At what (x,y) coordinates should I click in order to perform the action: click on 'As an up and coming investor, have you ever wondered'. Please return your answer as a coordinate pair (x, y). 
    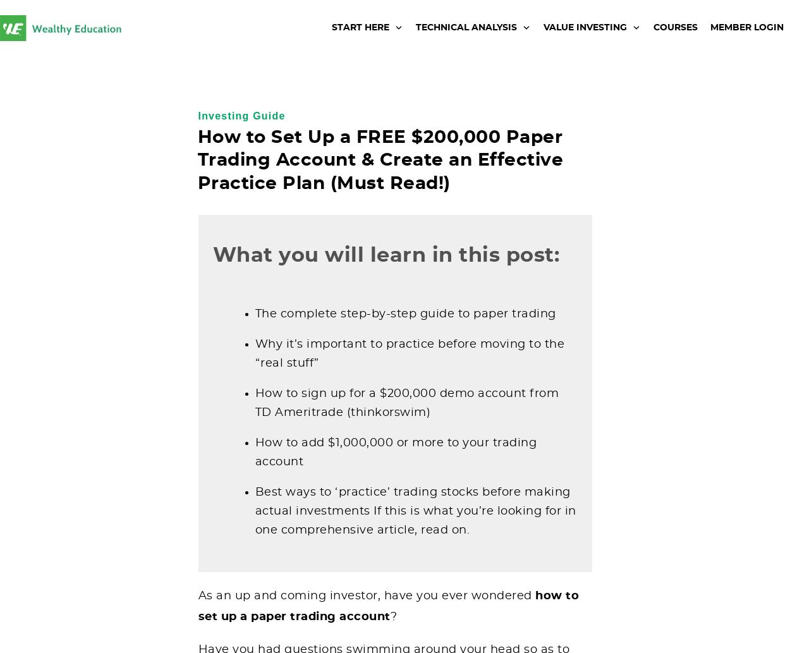
    Looking at the image, I should click on (366, 595).